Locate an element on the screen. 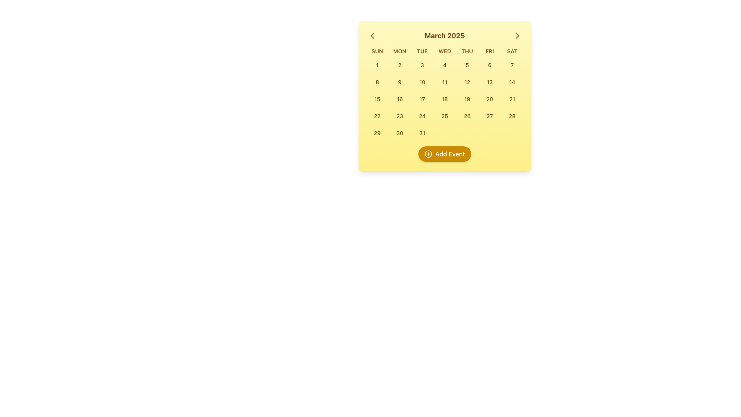 Image resolution: width=741 pixels, height=417 pixels. the text label displaying '2' for Monday in the calendar interface is located at coordinates (399, 64).